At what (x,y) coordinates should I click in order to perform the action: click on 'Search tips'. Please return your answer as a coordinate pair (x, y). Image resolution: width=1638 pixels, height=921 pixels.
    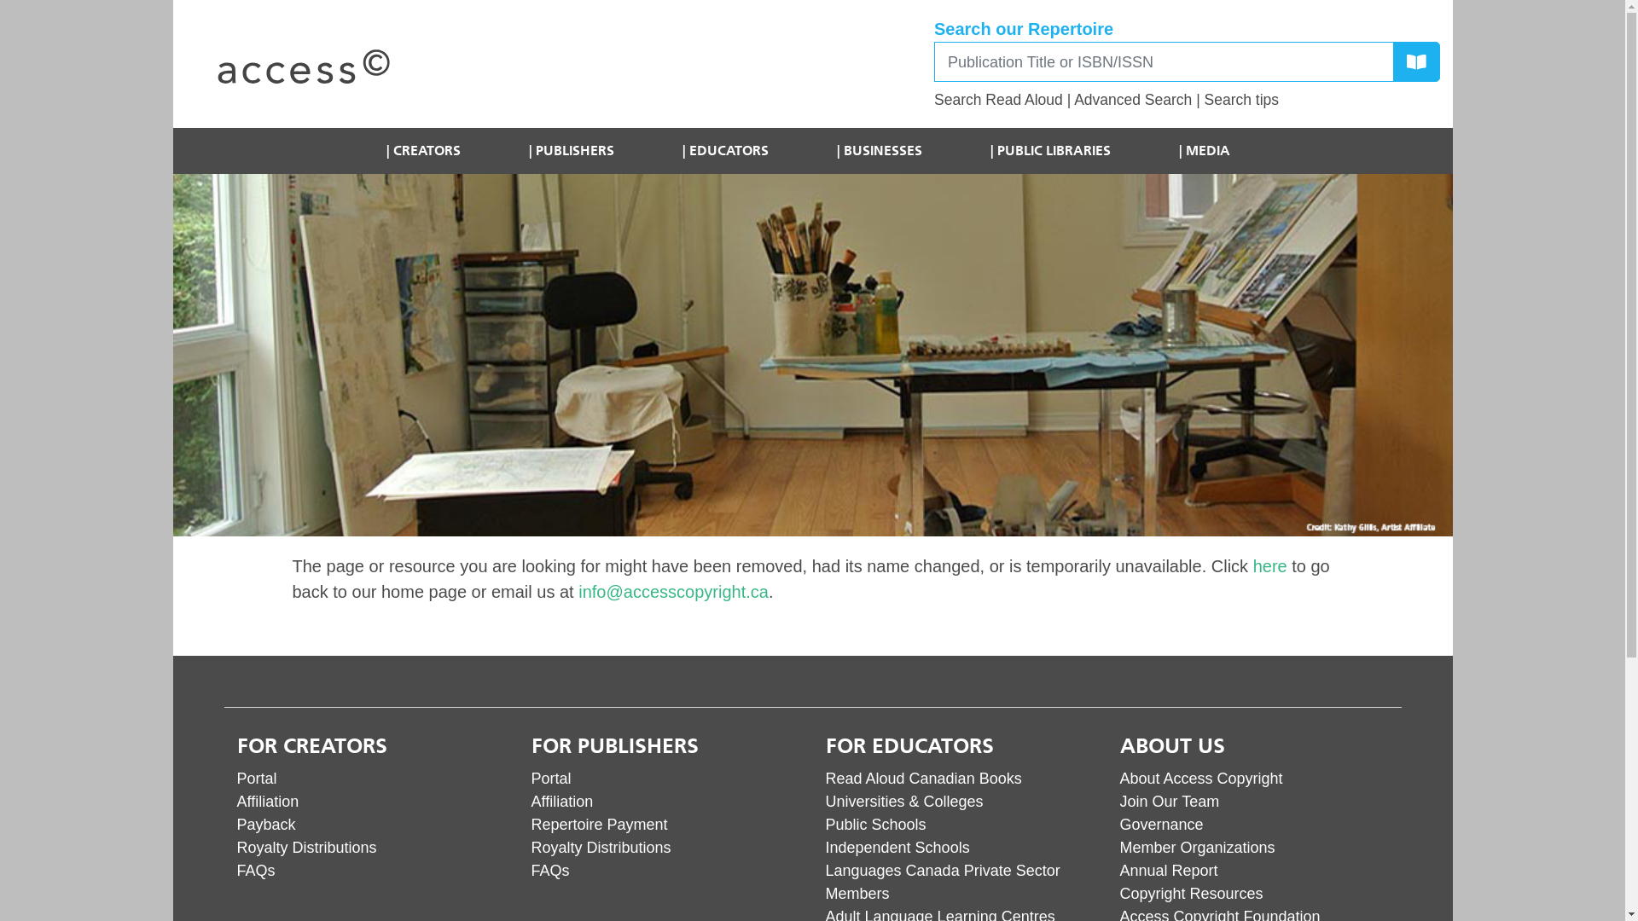
    Looking at the image, I should click on (1203, 99).